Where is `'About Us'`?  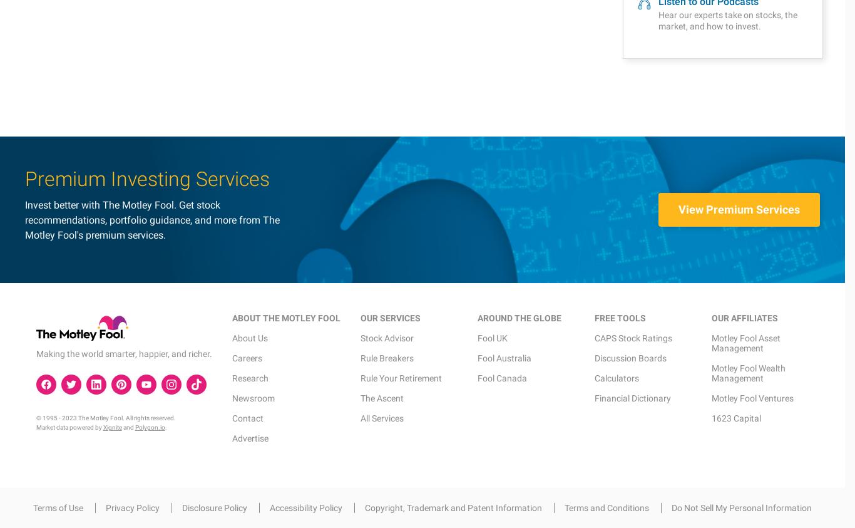 'About Us' is located at coordinates (248, 52).